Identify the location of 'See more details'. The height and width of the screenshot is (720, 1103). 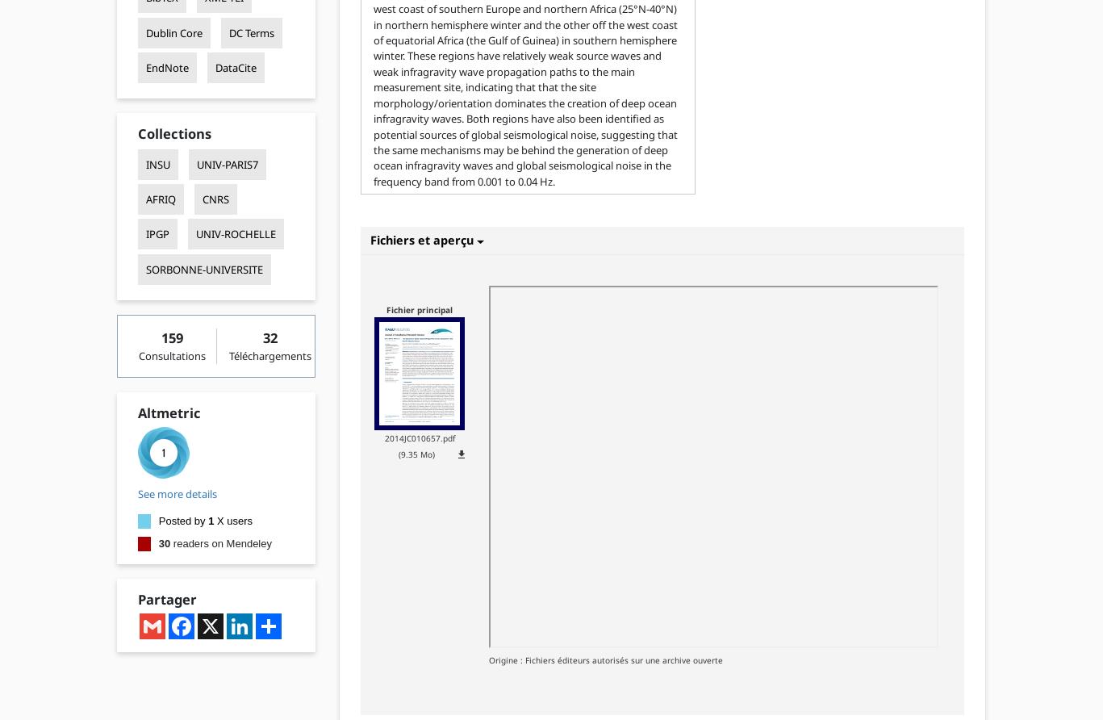
(175, 493).